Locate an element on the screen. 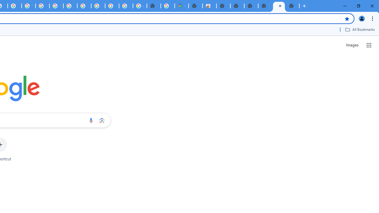 Image resolution: width=379 pixels, height=213 pixels. 'All Bookmarks' is located at coordinates (359, 29).